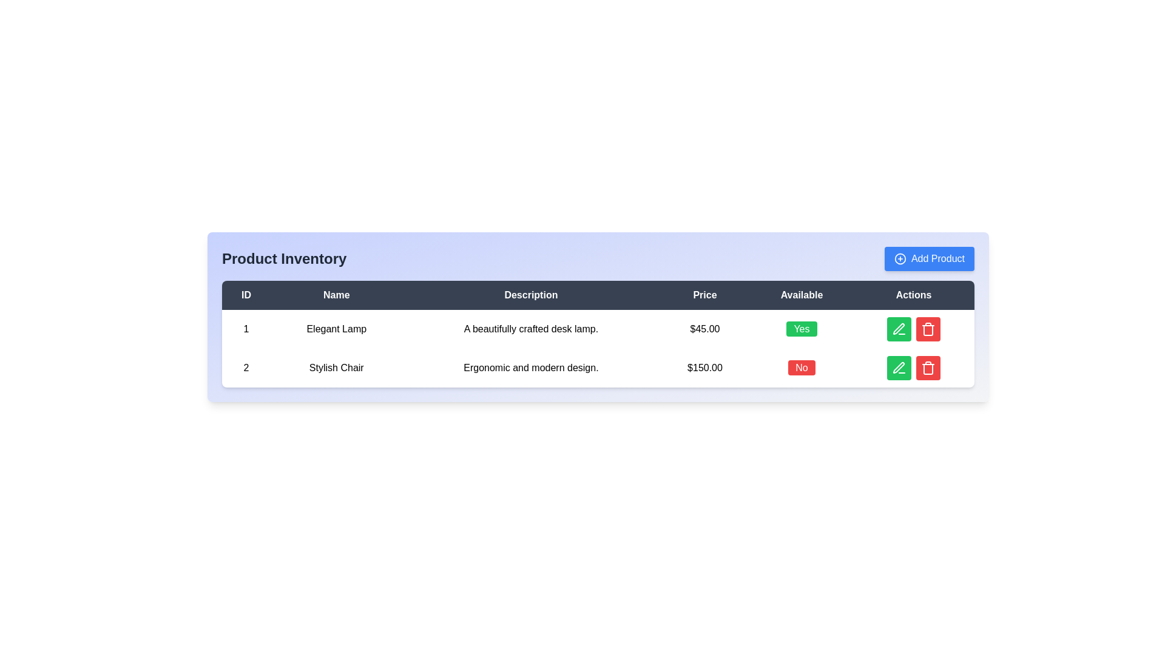 This screenshot has width=1165, height=655. What do you see at coordinates (928, 367) in the screenshot?
I see `the delete button in the 'Actions' column for the 'Stylish Chair' entry` at bounding box center [928, 367].